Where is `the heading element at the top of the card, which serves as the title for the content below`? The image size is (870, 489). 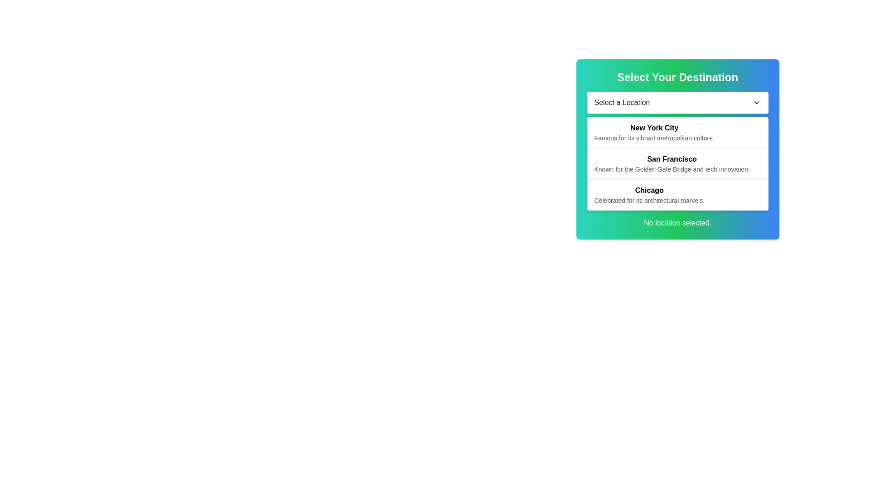 the heading element at the top of the card, which serves as the title for the content below is located at coordinates (677, 77).